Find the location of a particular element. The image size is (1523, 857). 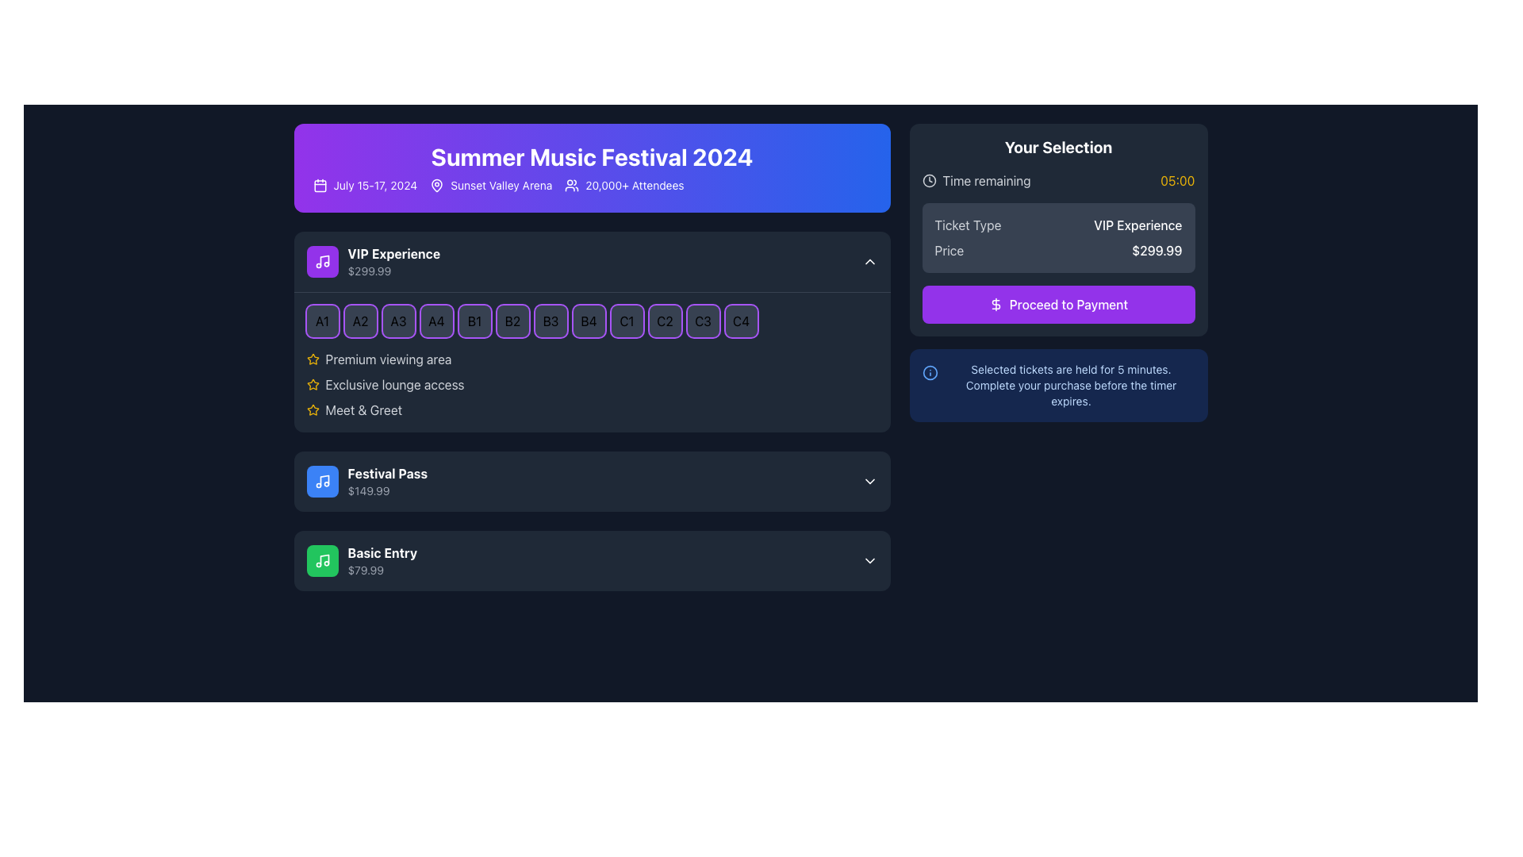

text label that says 'Exclusive lounge access', which is located in the 'VIP Experience' section, positioned between 'Premium viewing area' and 'Meet & Greet' is located at coordinates (395, 385).